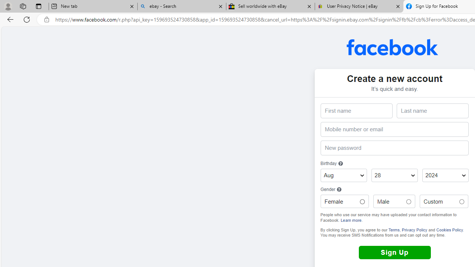  Describe the element at coordinates (394, 252) in the screenshot. I see `'Sign Up'` at that location.